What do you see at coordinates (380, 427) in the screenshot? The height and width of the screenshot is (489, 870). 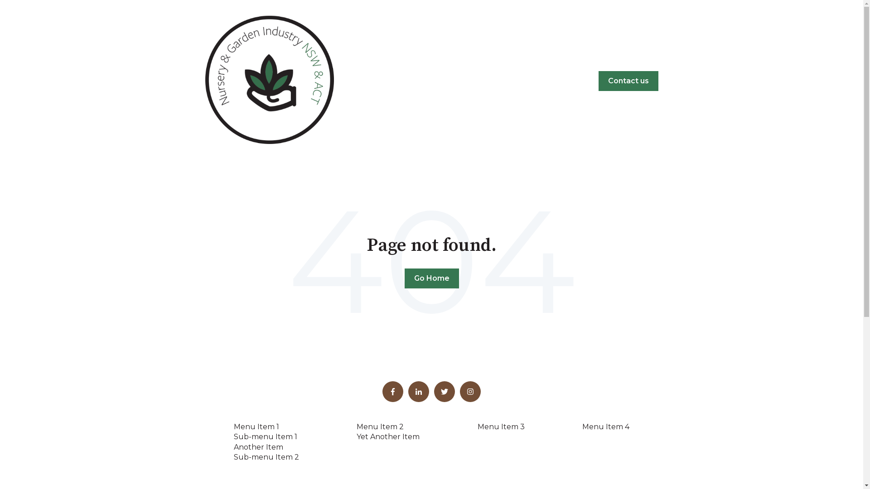 I see `'Menu Item 2'` at bounding box center [380, 427].